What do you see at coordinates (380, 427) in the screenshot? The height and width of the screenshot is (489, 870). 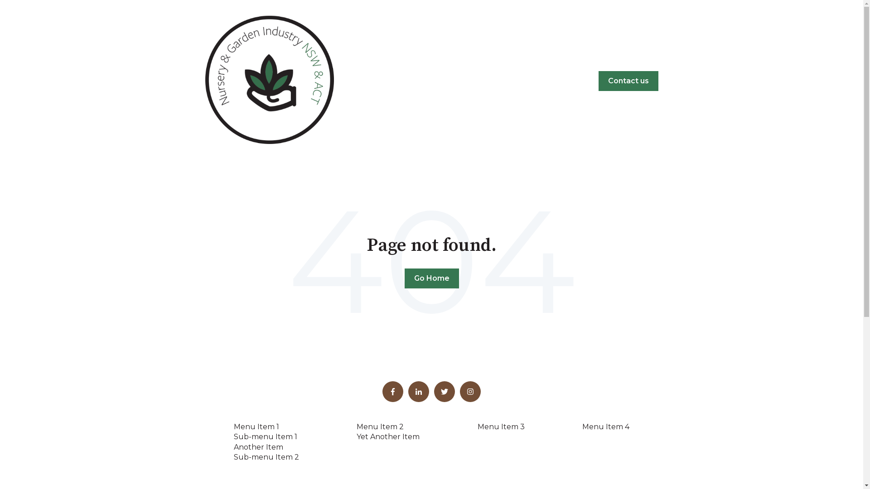 I see `'Menu Item 2'` at bounding box center [380, 427].